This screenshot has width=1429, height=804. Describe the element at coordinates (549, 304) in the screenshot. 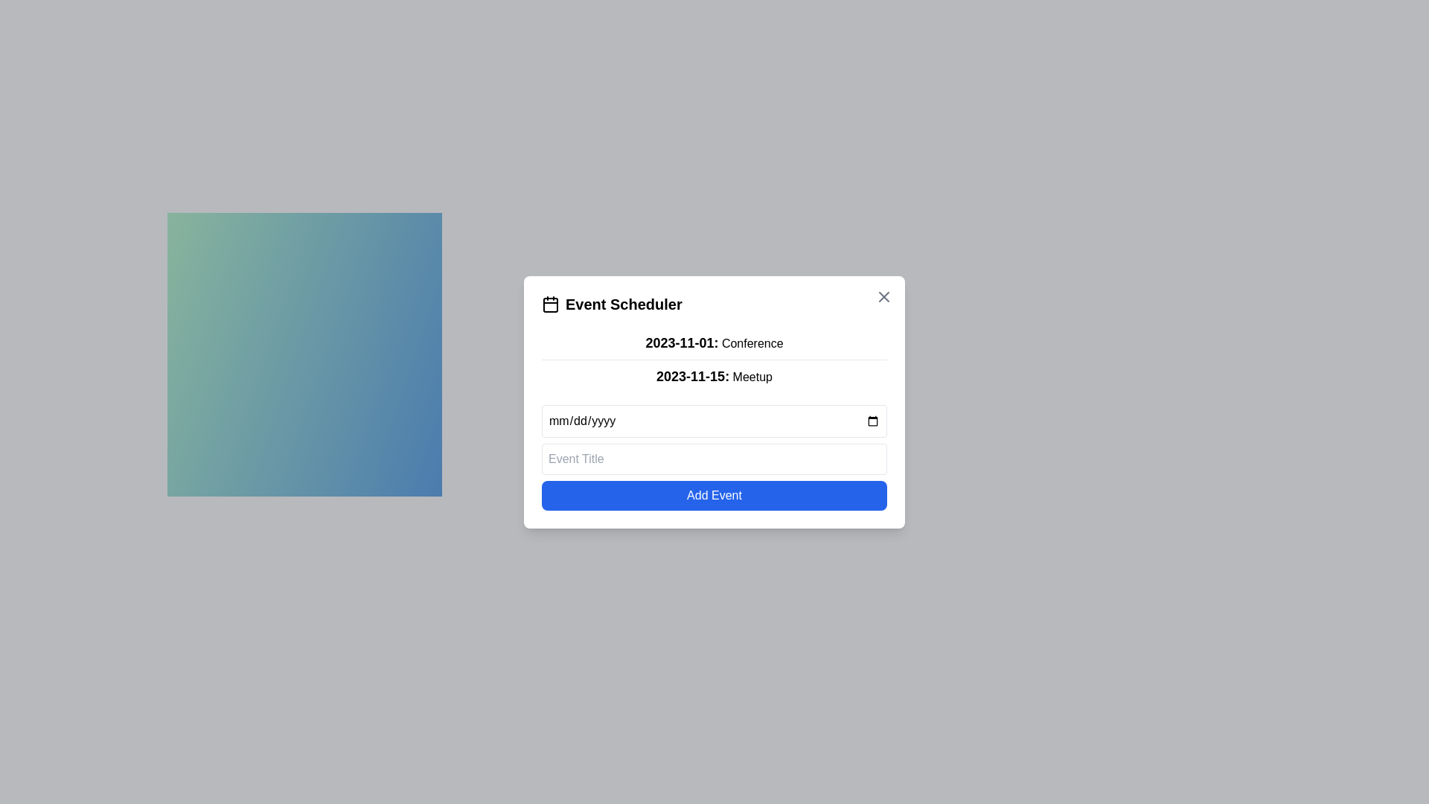

I see `the calendar icon located in the header of the 'Event Scheduler' interface to understand its meaning` at that location.